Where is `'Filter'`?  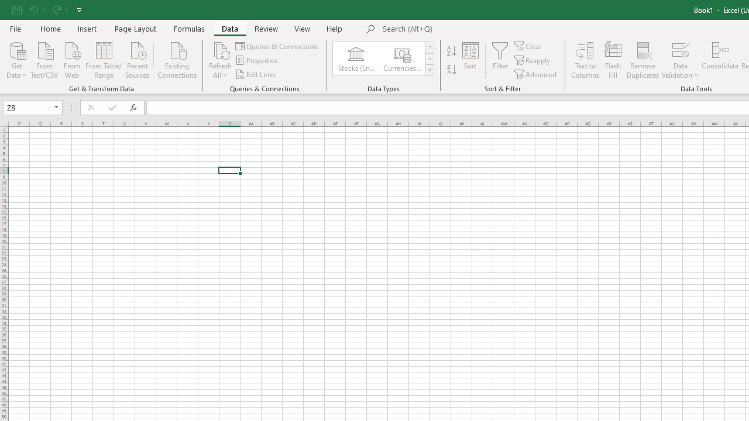 'Filter' is located at coordinates (500, 60).